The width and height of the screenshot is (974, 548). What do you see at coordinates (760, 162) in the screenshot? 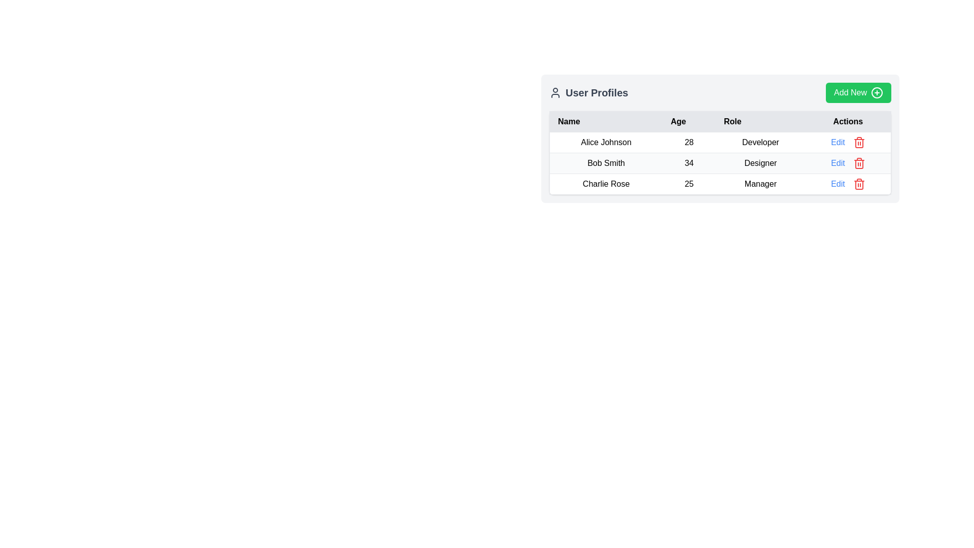
I see `the informational label displaying the role of user 'Bob Smith' in the second row of the table under the 'Role' column` at bounding box center [760, 162].